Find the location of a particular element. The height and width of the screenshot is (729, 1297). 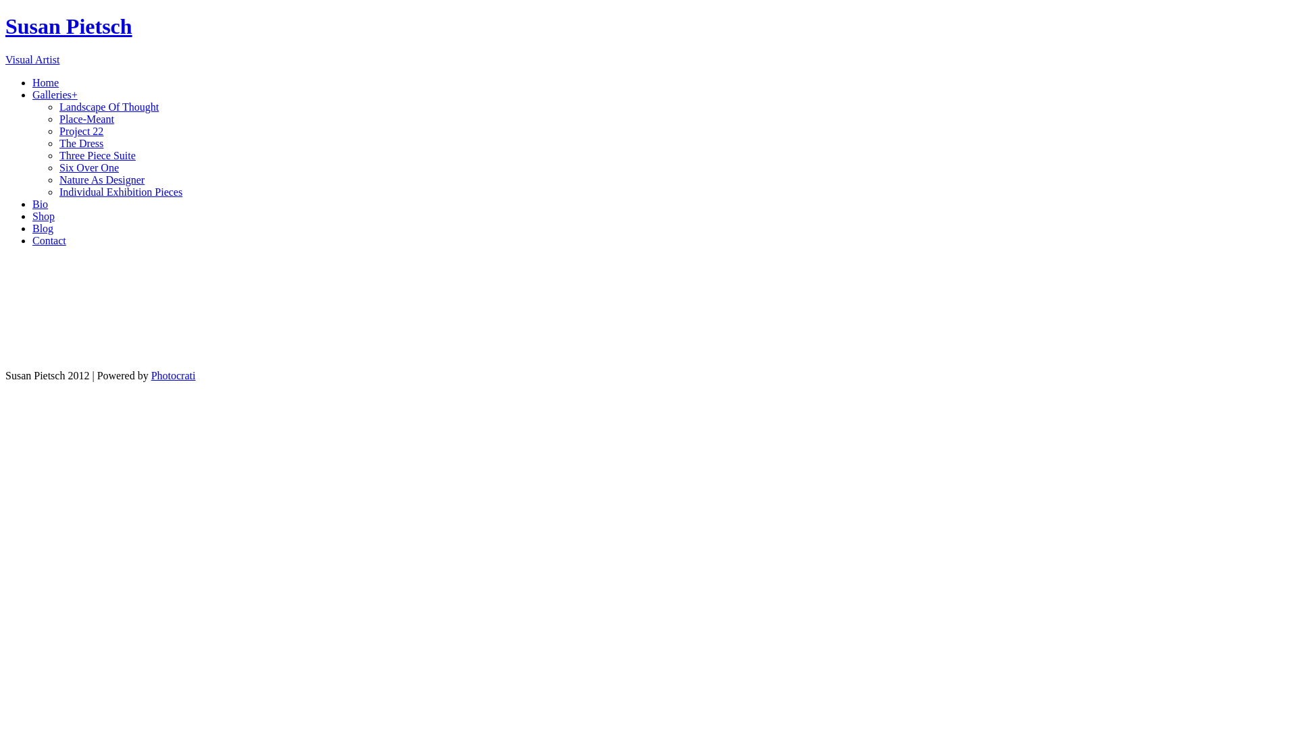

'Shop' is located at coordinates (43, 215).